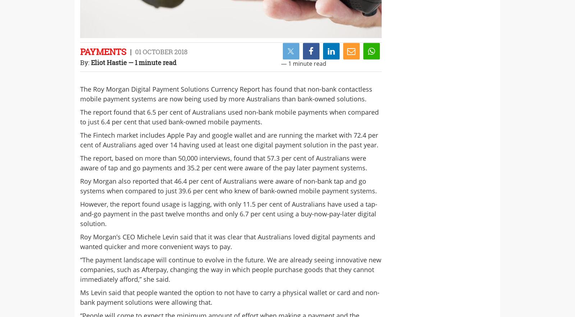 The height and width of the screenshot is (317, 575). Describe the element at coordinates (230, 297) in the screenshot. I see `'Ms Levin said that people wanted the option to not have to carry a physical wallet or card and non-bank payment solutions were allowing that.'` at that location.